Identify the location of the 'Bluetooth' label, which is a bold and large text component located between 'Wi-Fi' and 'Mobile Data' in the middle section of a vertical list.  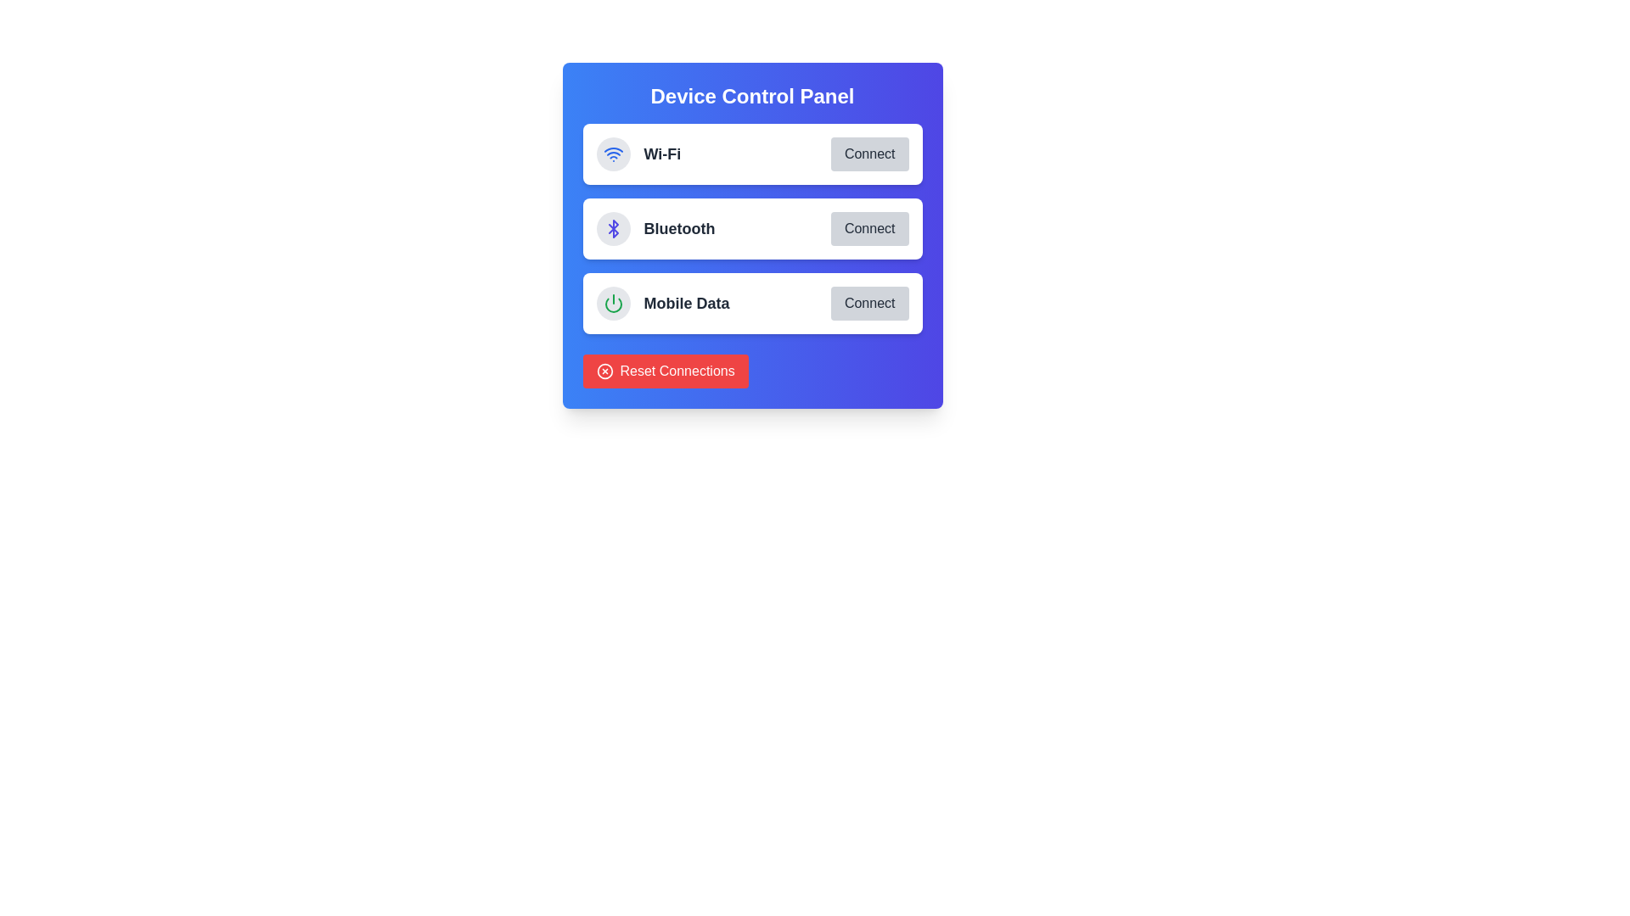
(655, 229).